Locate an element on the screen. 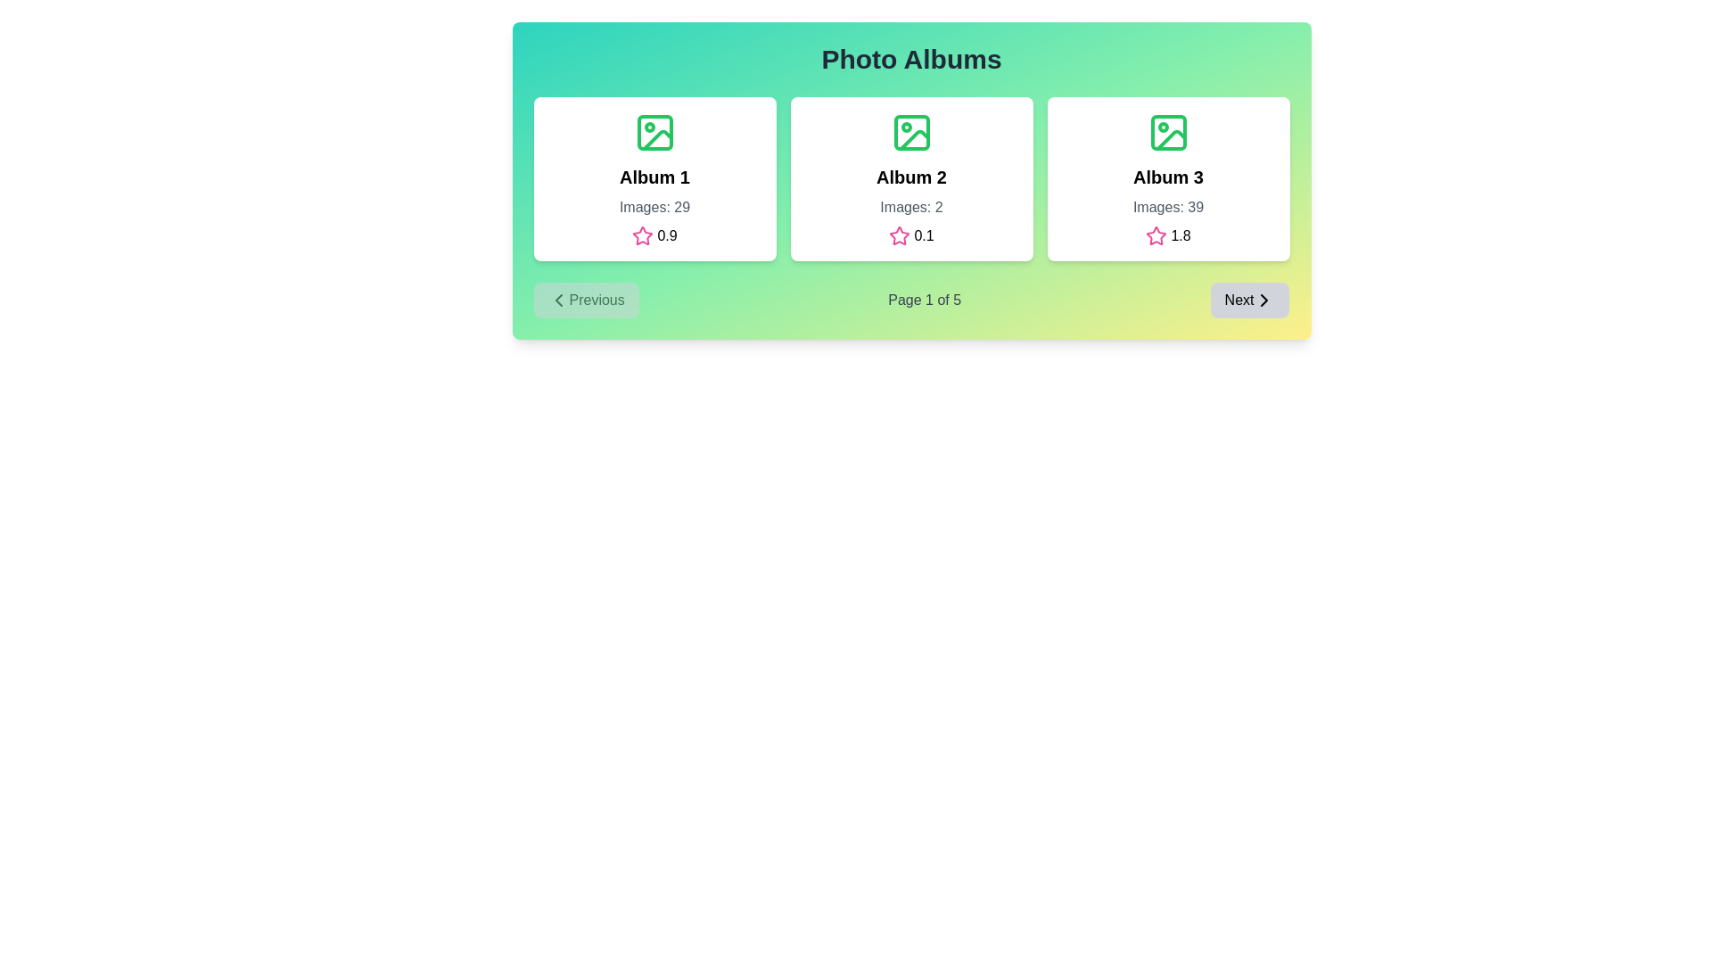  the heading text element labeled 'Photo Albums', which is prominently displayed at the top center of the interface in a large bold font is located at coordinates (911, 58).